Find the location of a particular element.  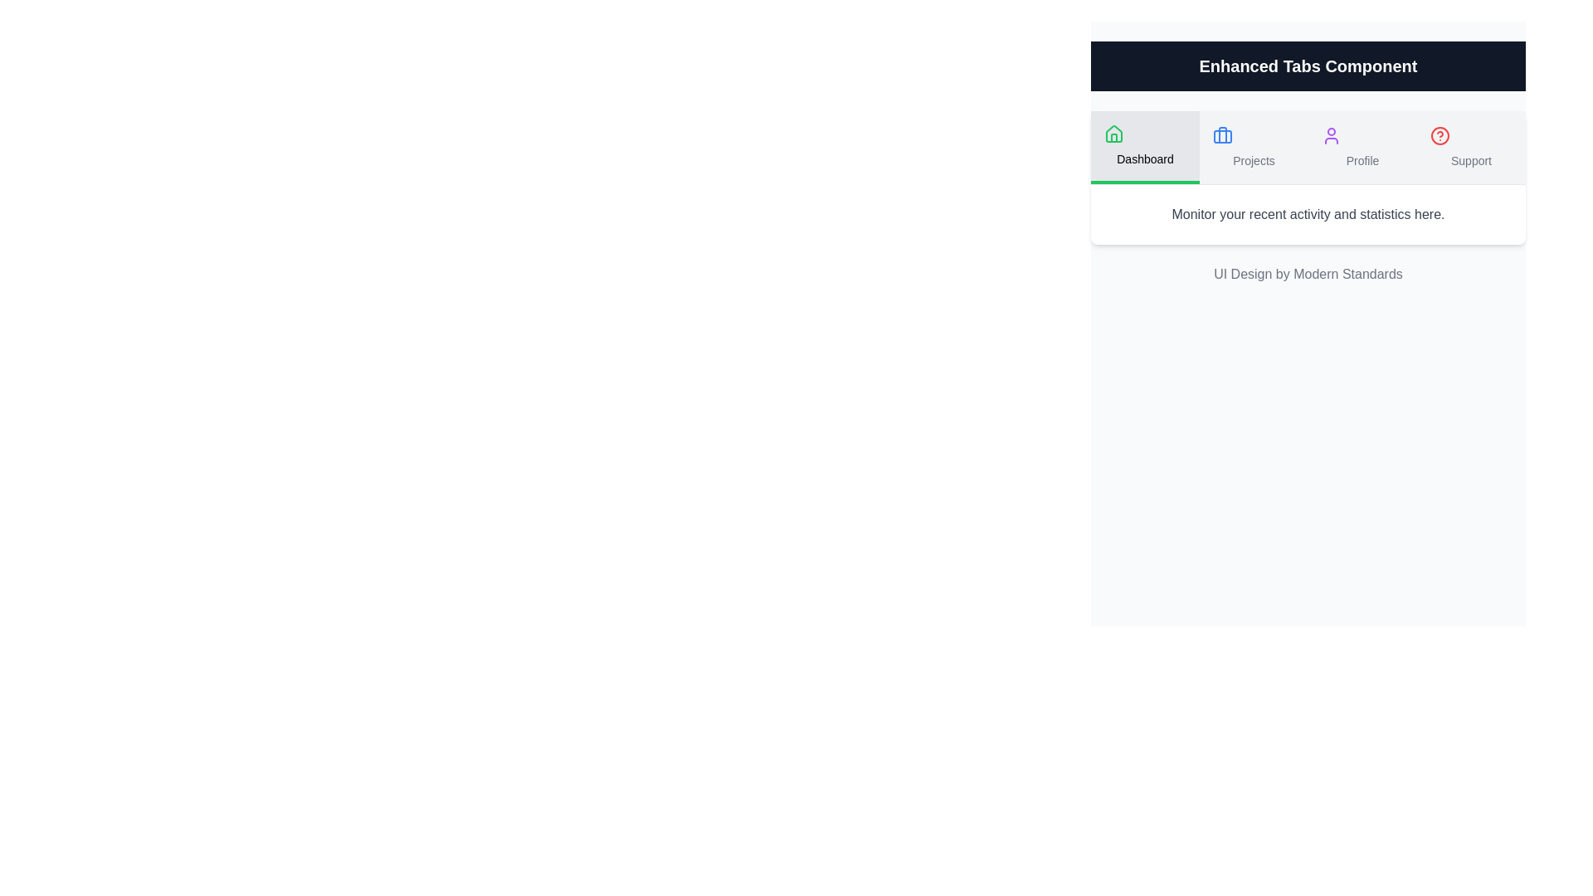

the 'Dashboard' tab icon located on the leftmost position below the 'Enhanced Tabs Component' header is located at coordinates (1114, 133).